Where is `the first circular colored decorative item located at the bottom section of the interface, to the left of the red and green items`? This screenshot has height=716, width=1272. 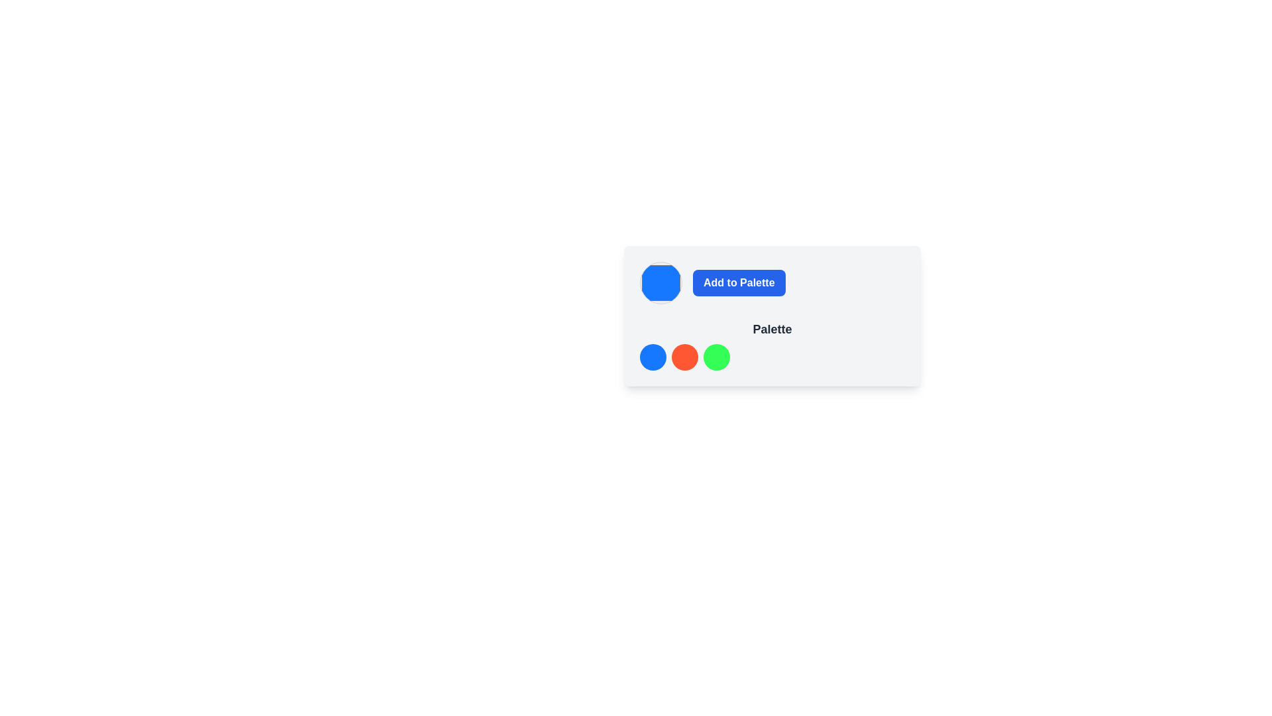
the first circular colored decorative item located at the bottom section of the interface, to the left of the red and green items is located at coordinates (653, 357).